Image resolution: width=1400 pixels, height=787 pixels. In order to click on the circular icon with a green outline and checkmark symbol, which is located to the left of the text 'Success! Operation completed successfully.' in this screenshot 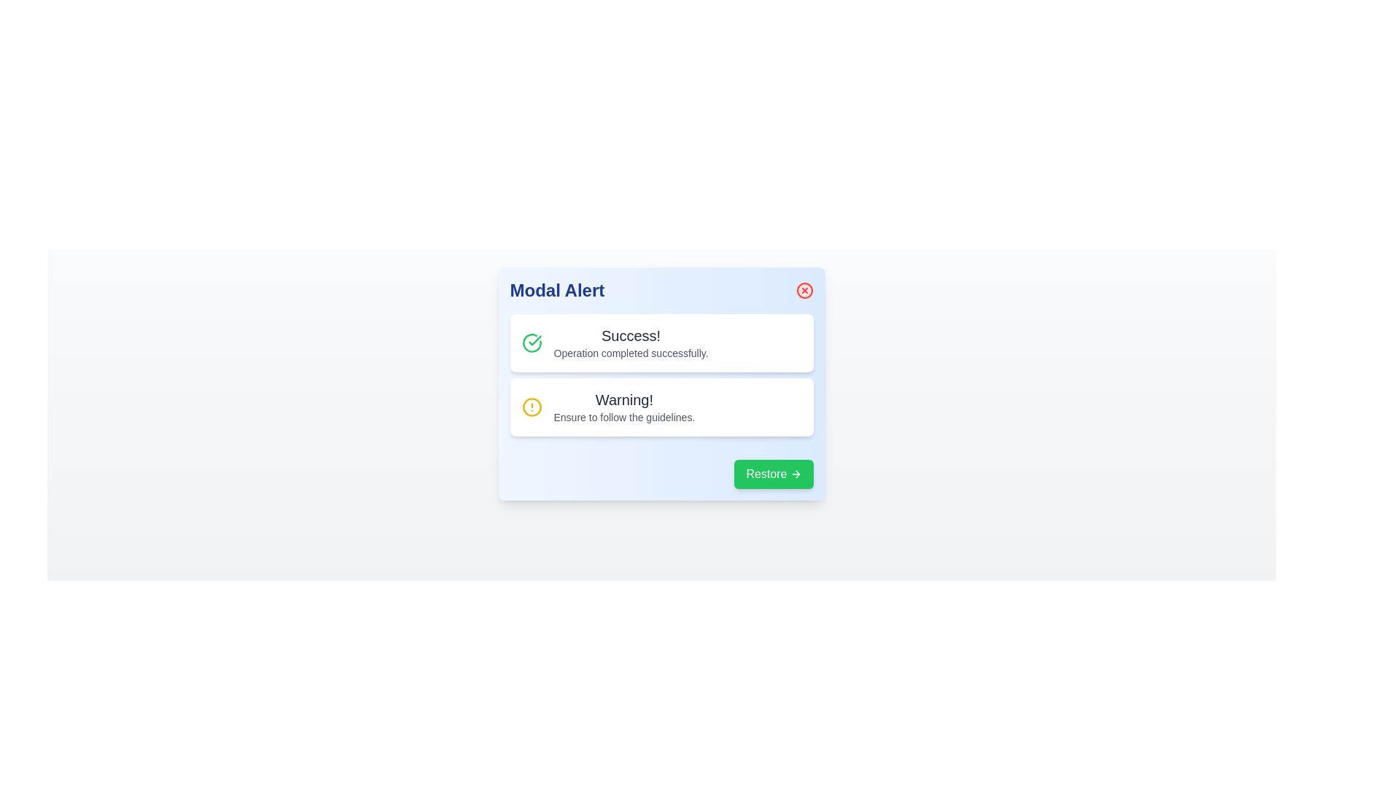, I will do `click(531, 342)`.